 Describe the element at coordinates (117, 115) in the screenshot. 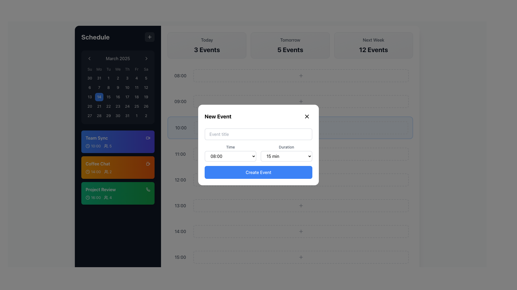

I see `the square-shaped button displaying '30' in medium-sized font, located` at that location.